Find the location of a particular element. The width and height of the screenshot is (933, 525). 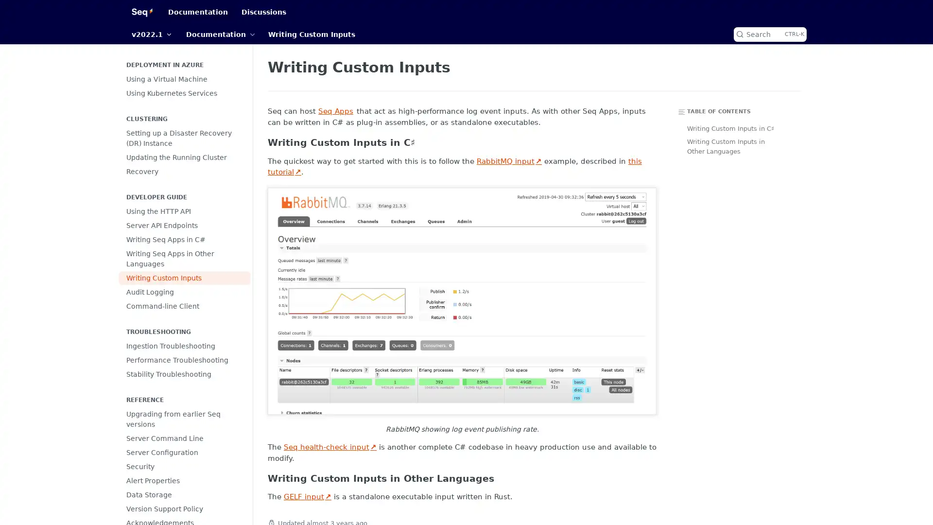

v2022.1 is located at coordinates (151, 34).